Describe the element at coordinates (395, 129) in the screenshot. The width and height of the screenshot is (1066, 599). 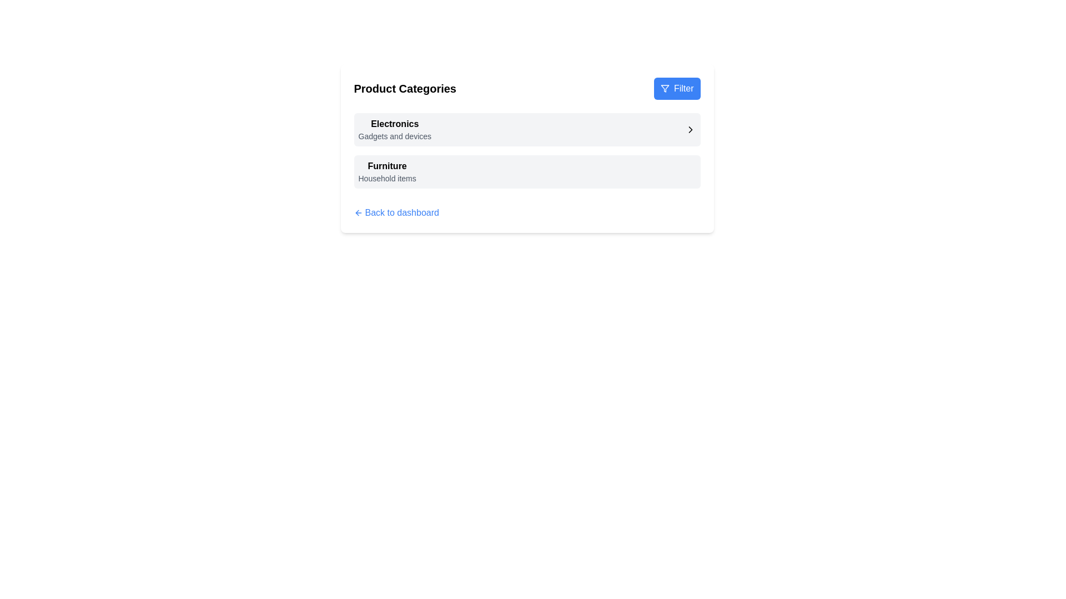
I see `the 'Electronics' text label, which serves as a category title and description within the product categories list` at that location.